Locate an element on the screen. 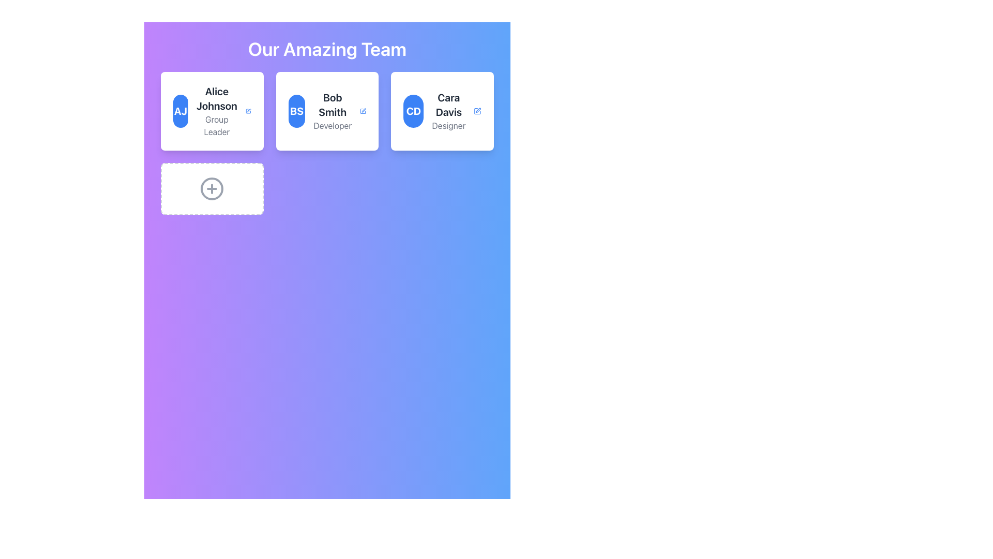 This screenshot has width=993, height=559. the text display element showing 'Alice Johnson', which is located at the top section of a user card is located at coordinates (216, 99).